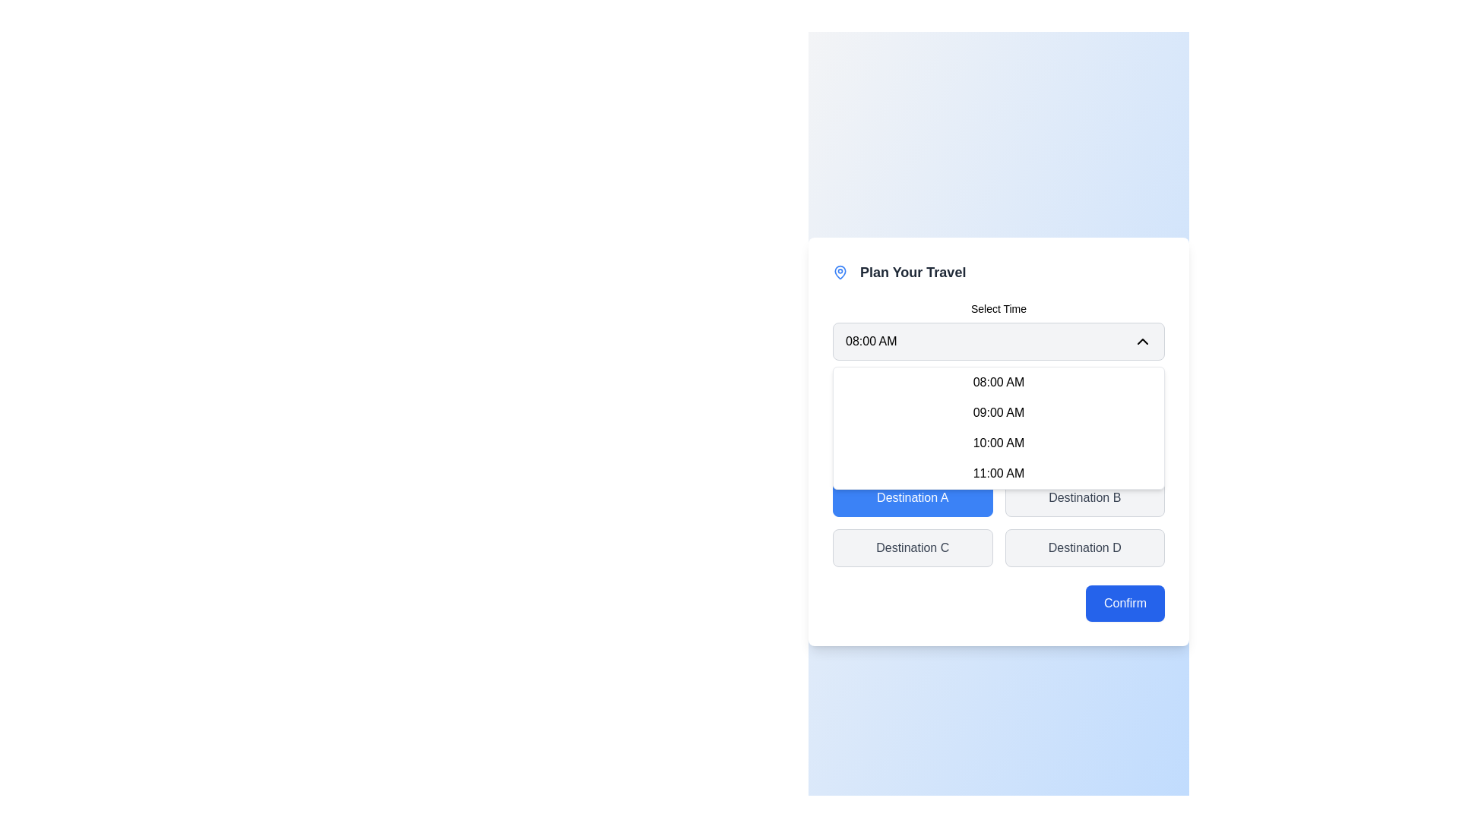 This screenshot has height=820, width=1459. Describe the element at coordinates (999, 386) in the screenshot. I see `text label that describes the adjacent date input field, centrally located above it` at that location.